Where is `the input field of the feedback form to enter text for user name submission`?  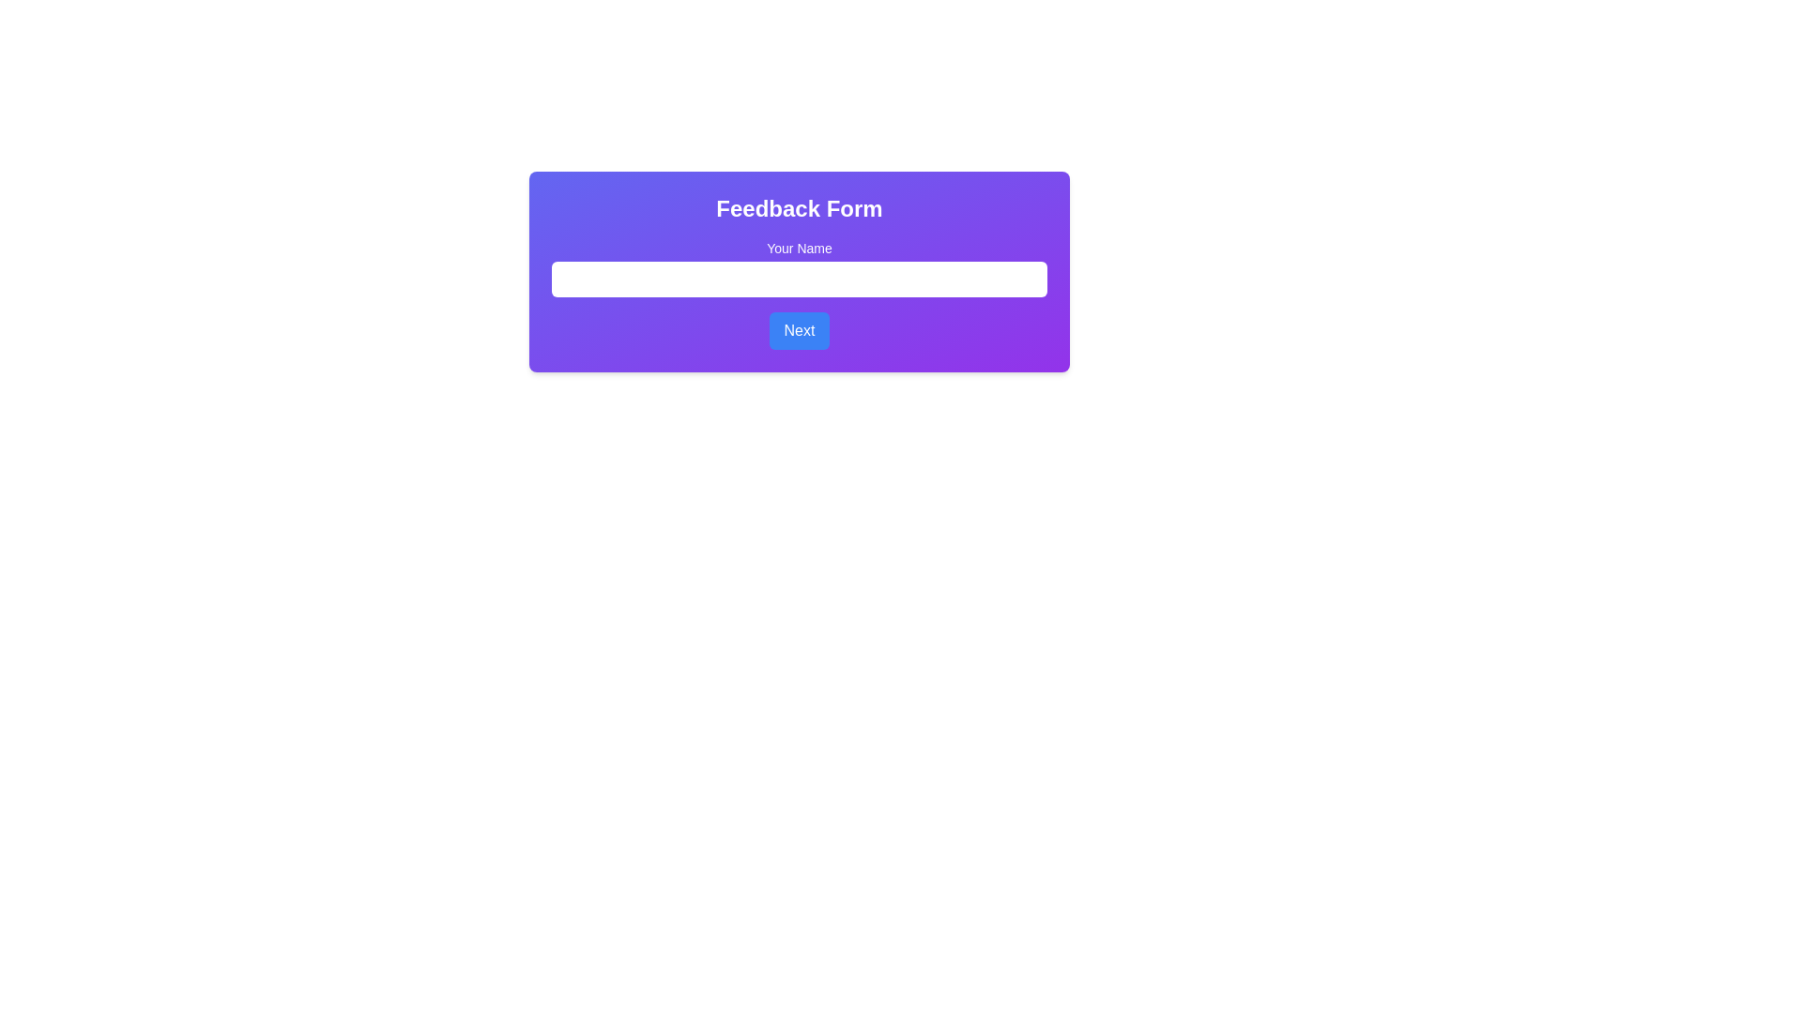 the input field of the feedback form to enter text for user name submission is located at coordinates (799, 271).